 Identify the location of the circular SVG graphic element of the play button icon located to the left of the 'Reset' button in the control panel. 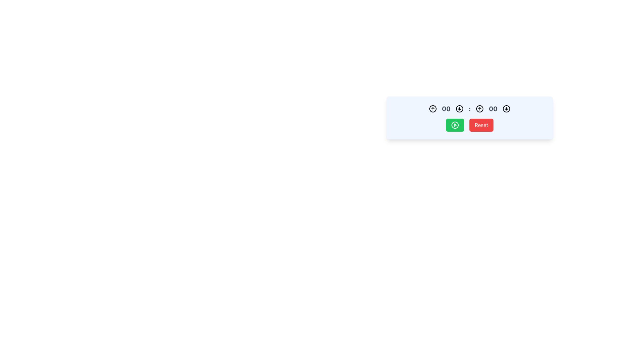
(455, 125).